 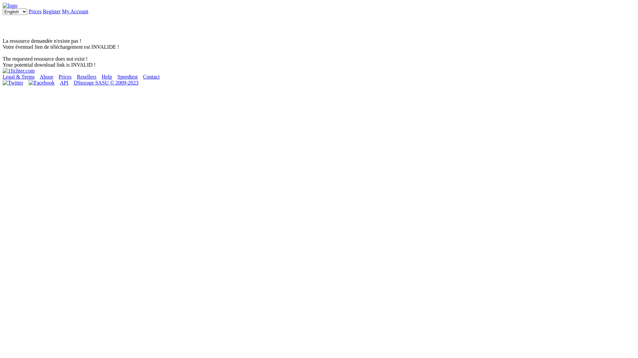 I want to click on 'Prices', so click(x=65, y=76).